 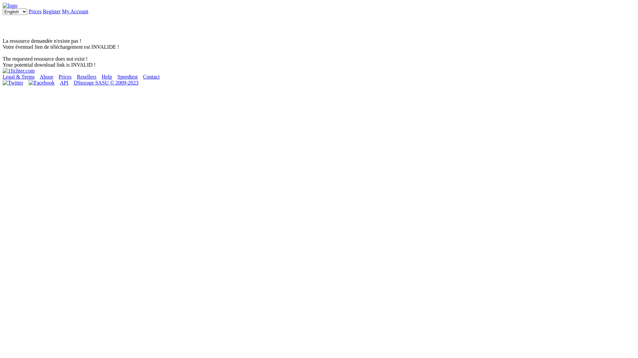 I want to click on 'Prices', so click(x=65, y=76).